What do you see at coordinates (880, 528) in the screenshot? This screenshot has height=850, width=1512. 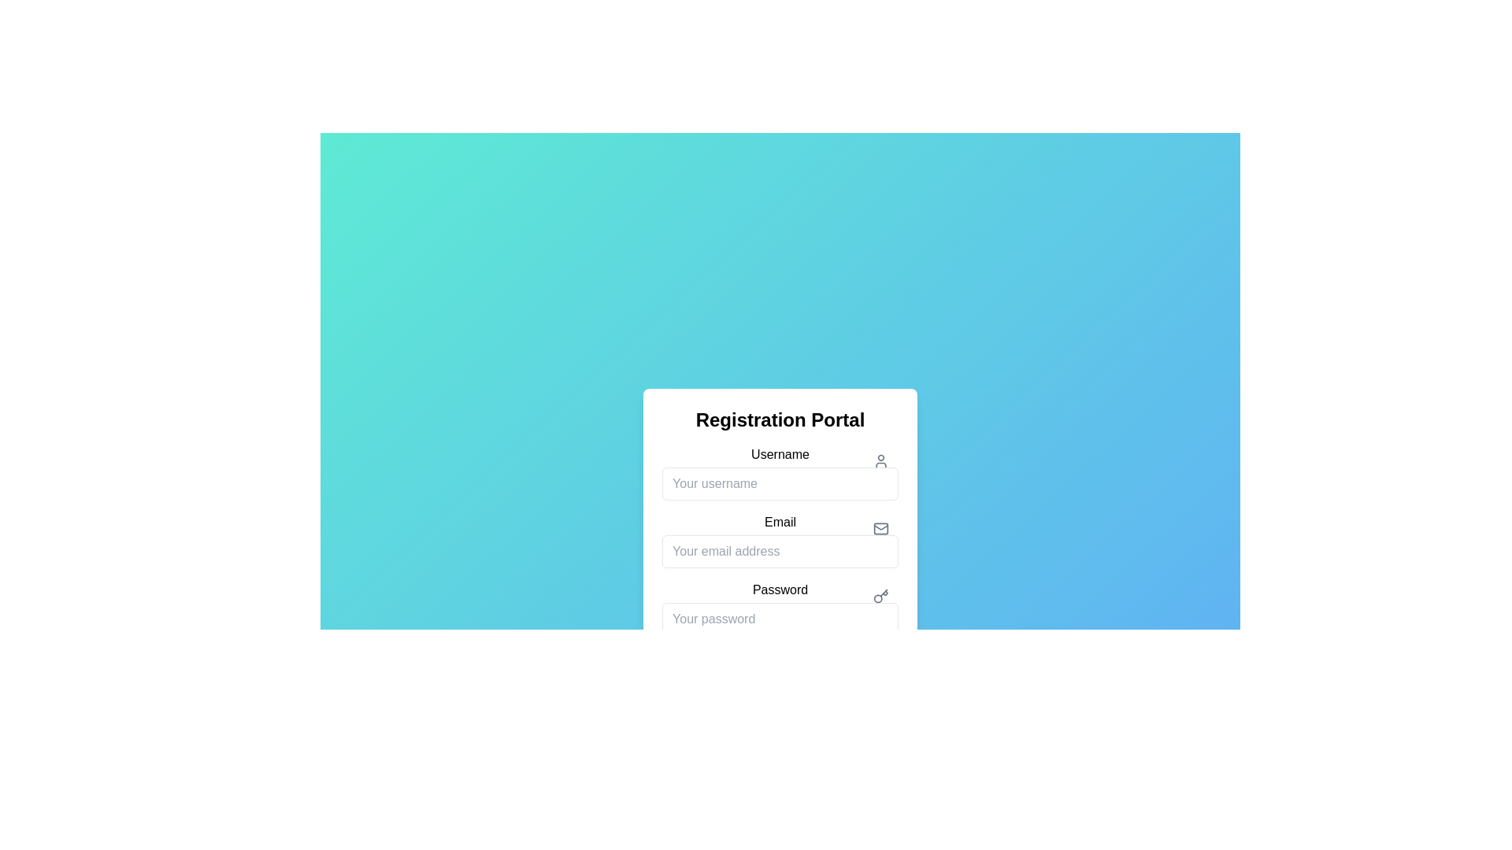 I see `the email input field by clicking on the envelope icon located on the right side of the input field` at bounding box center [880, 528].